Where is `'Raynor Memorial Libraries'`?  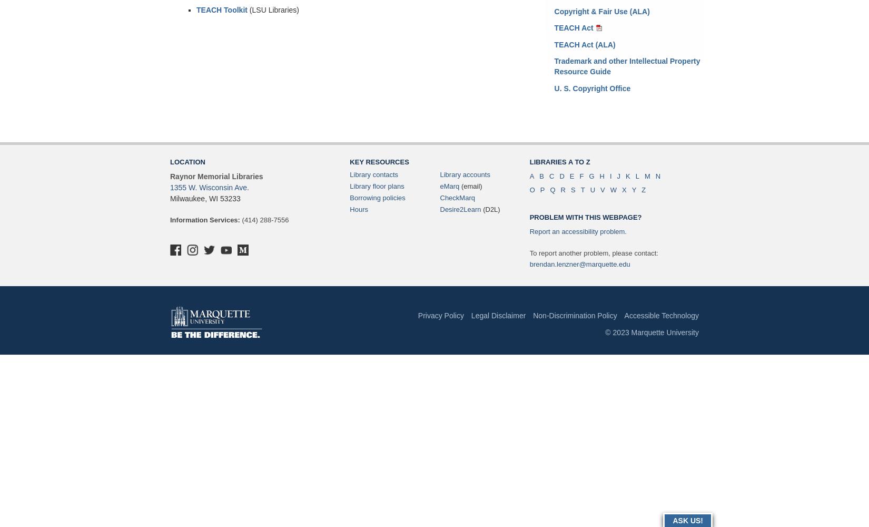 'Raynor Memorial Libraries' is located at coordinates (216, 176).